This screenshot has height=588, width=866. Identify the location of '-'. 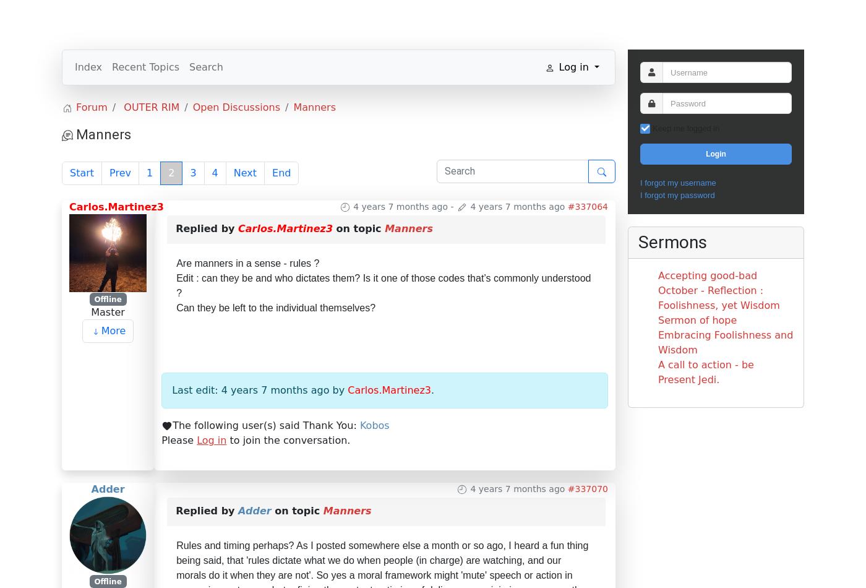
(452, 474).